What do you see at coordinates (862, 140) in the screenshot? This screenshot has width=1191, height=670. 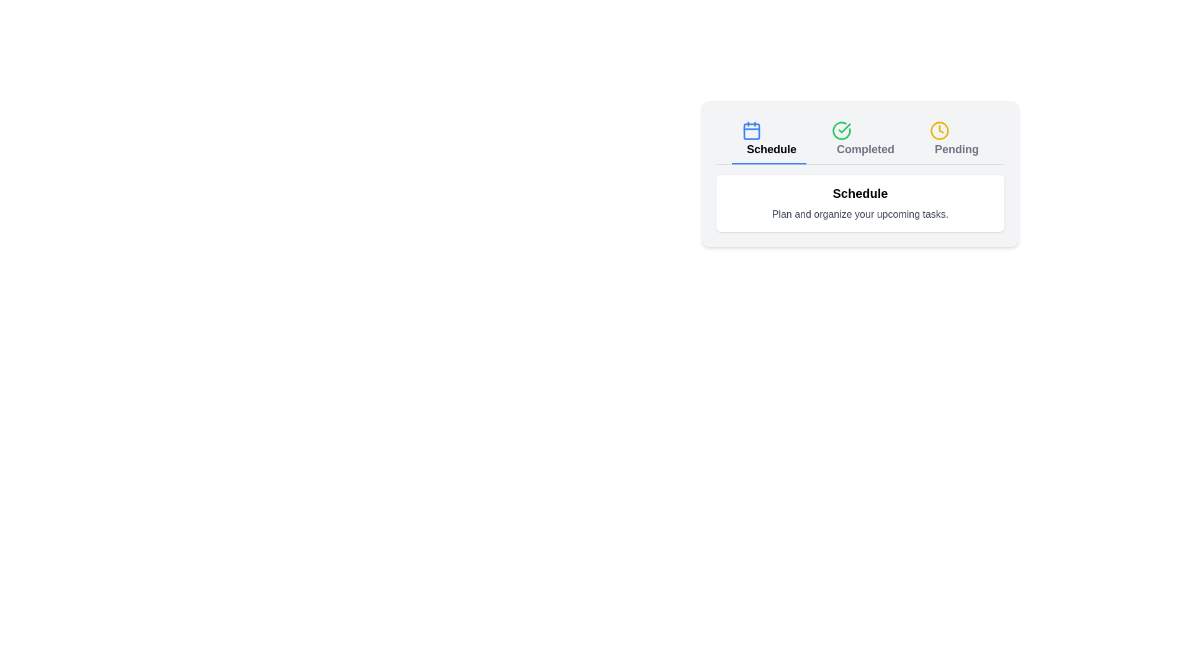 I see `the Completed tab to view its content` at bounding box center [862, 140].